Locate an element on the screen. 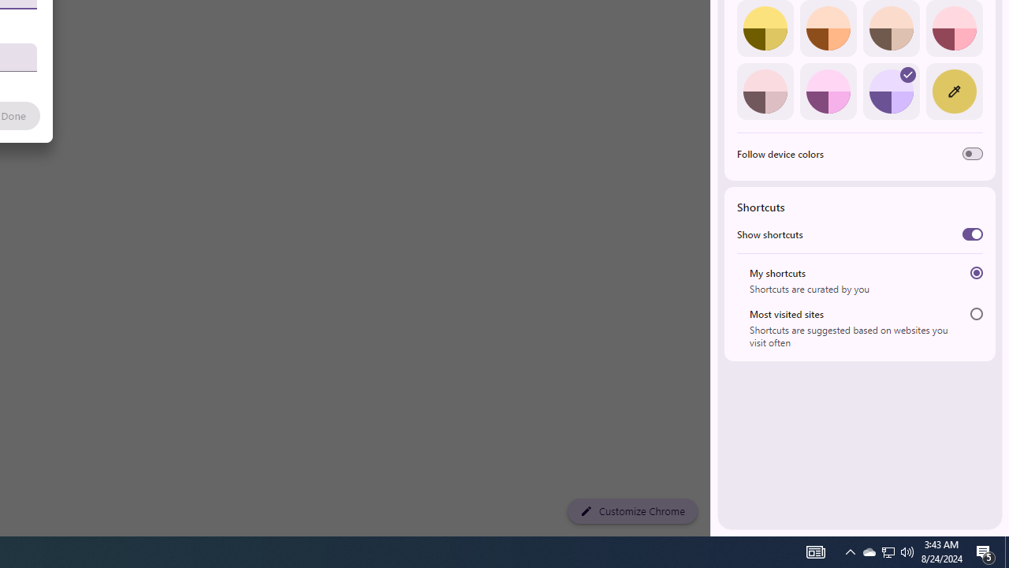 Image resolution: width=1009 pixels, height=568 pixels. 'Most visited sites' is located at coordinates (976, 314).